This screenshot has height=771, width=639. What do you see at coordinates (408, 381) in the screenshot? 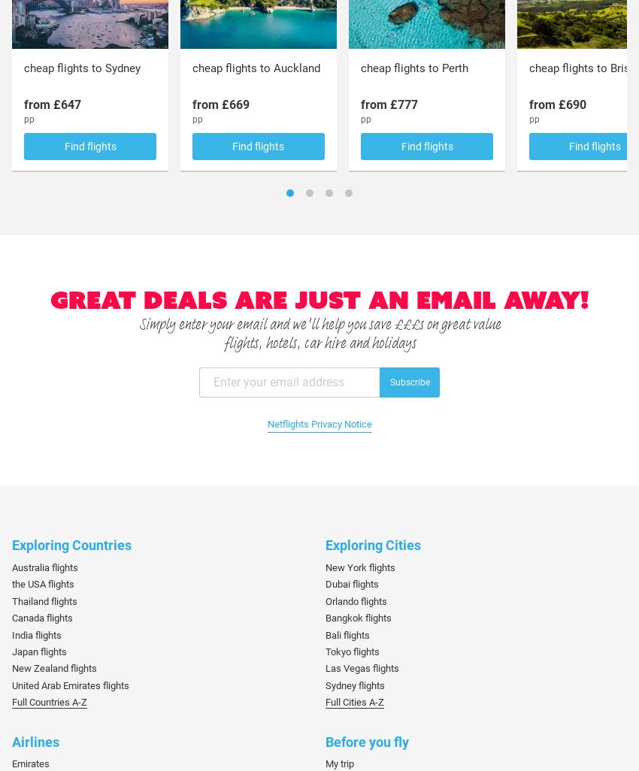
I see `'Subscribe'` at bounding box center [408, 381].